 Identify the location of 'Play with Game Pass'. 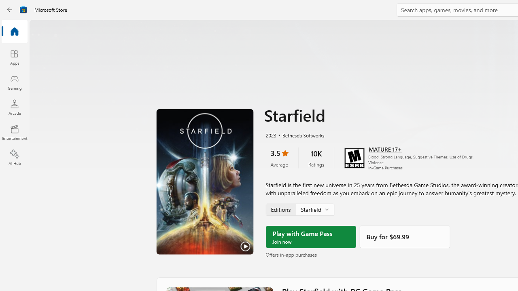
(310, 236).